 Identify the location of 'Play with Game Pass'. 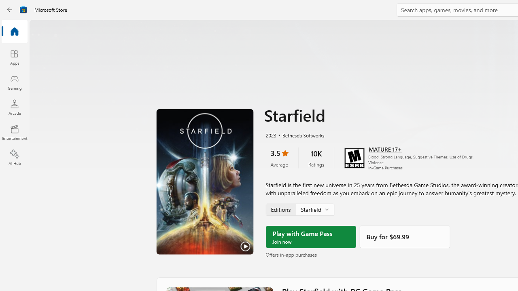
(310, 236).